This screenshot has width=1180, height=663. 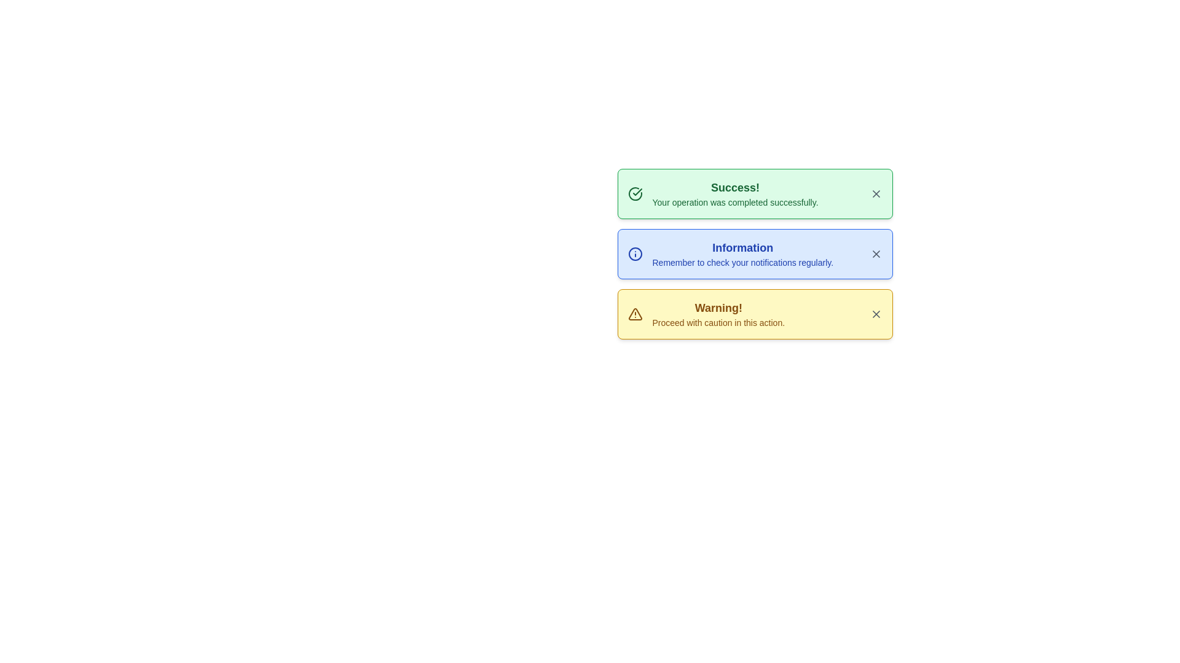 I want to click on supplementary message located in the second notification box labeled 'Information', positioned directly below the label, so click(x=742, y=262).